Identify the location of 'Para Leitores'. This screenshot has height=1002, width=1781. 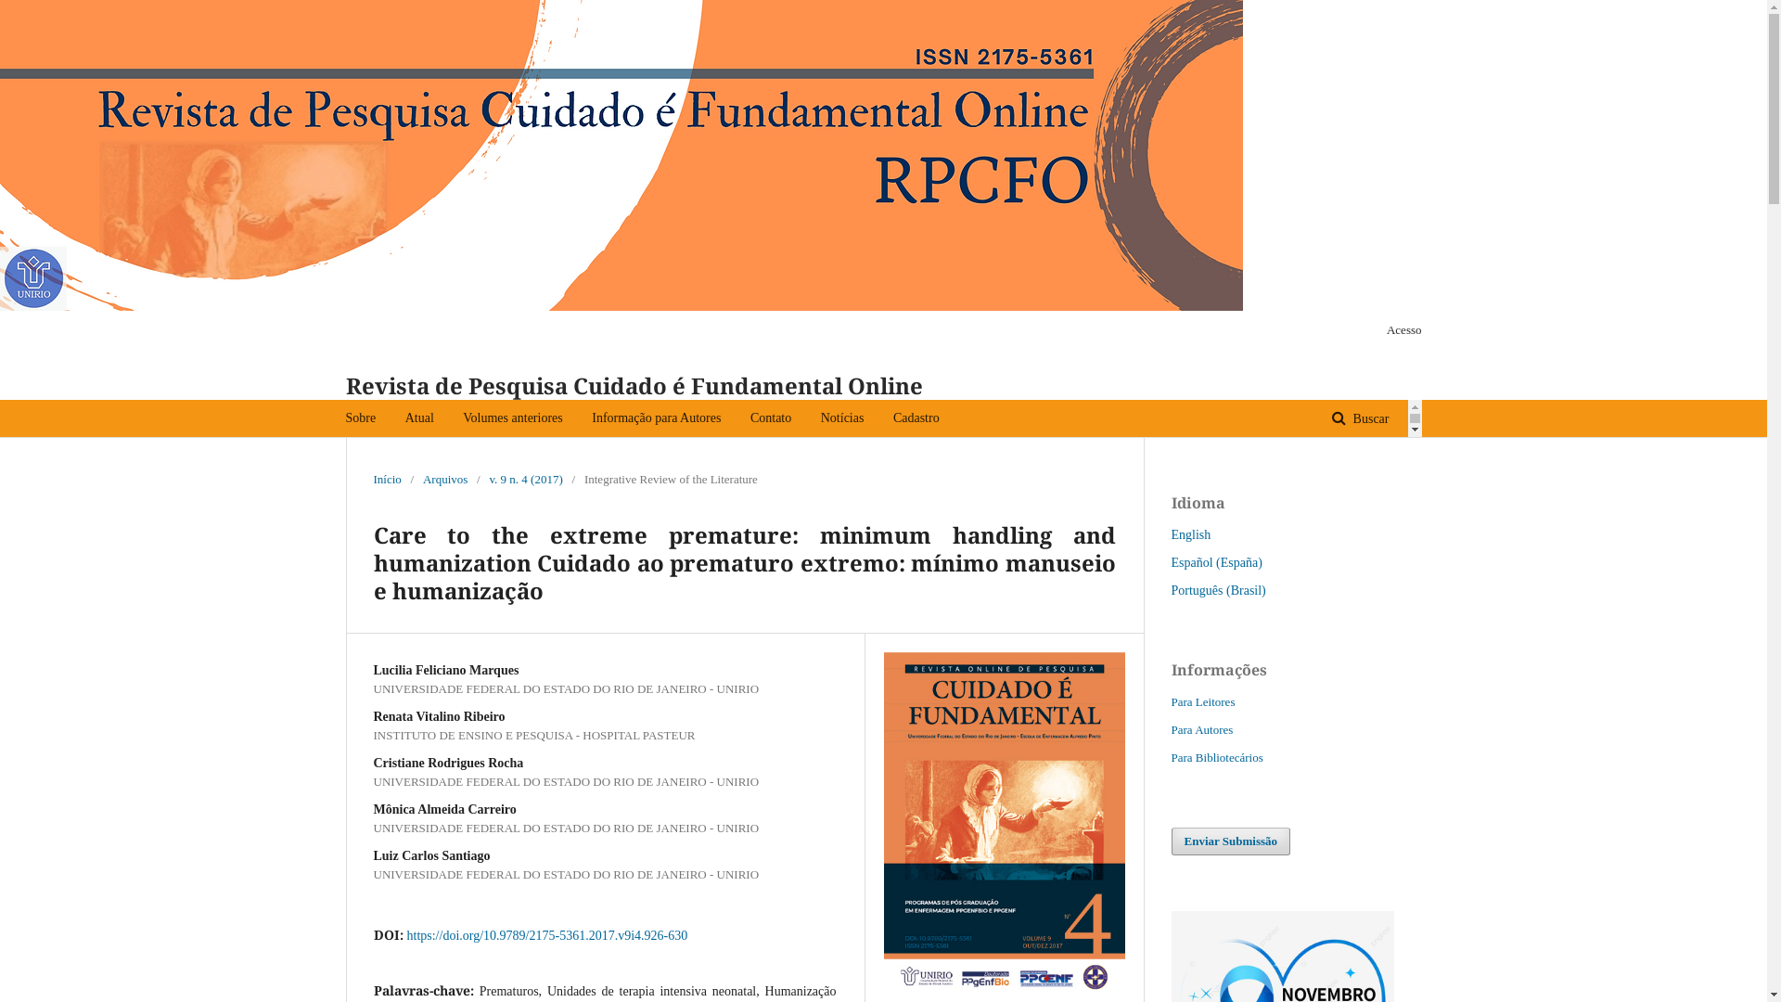
(1202, 701).